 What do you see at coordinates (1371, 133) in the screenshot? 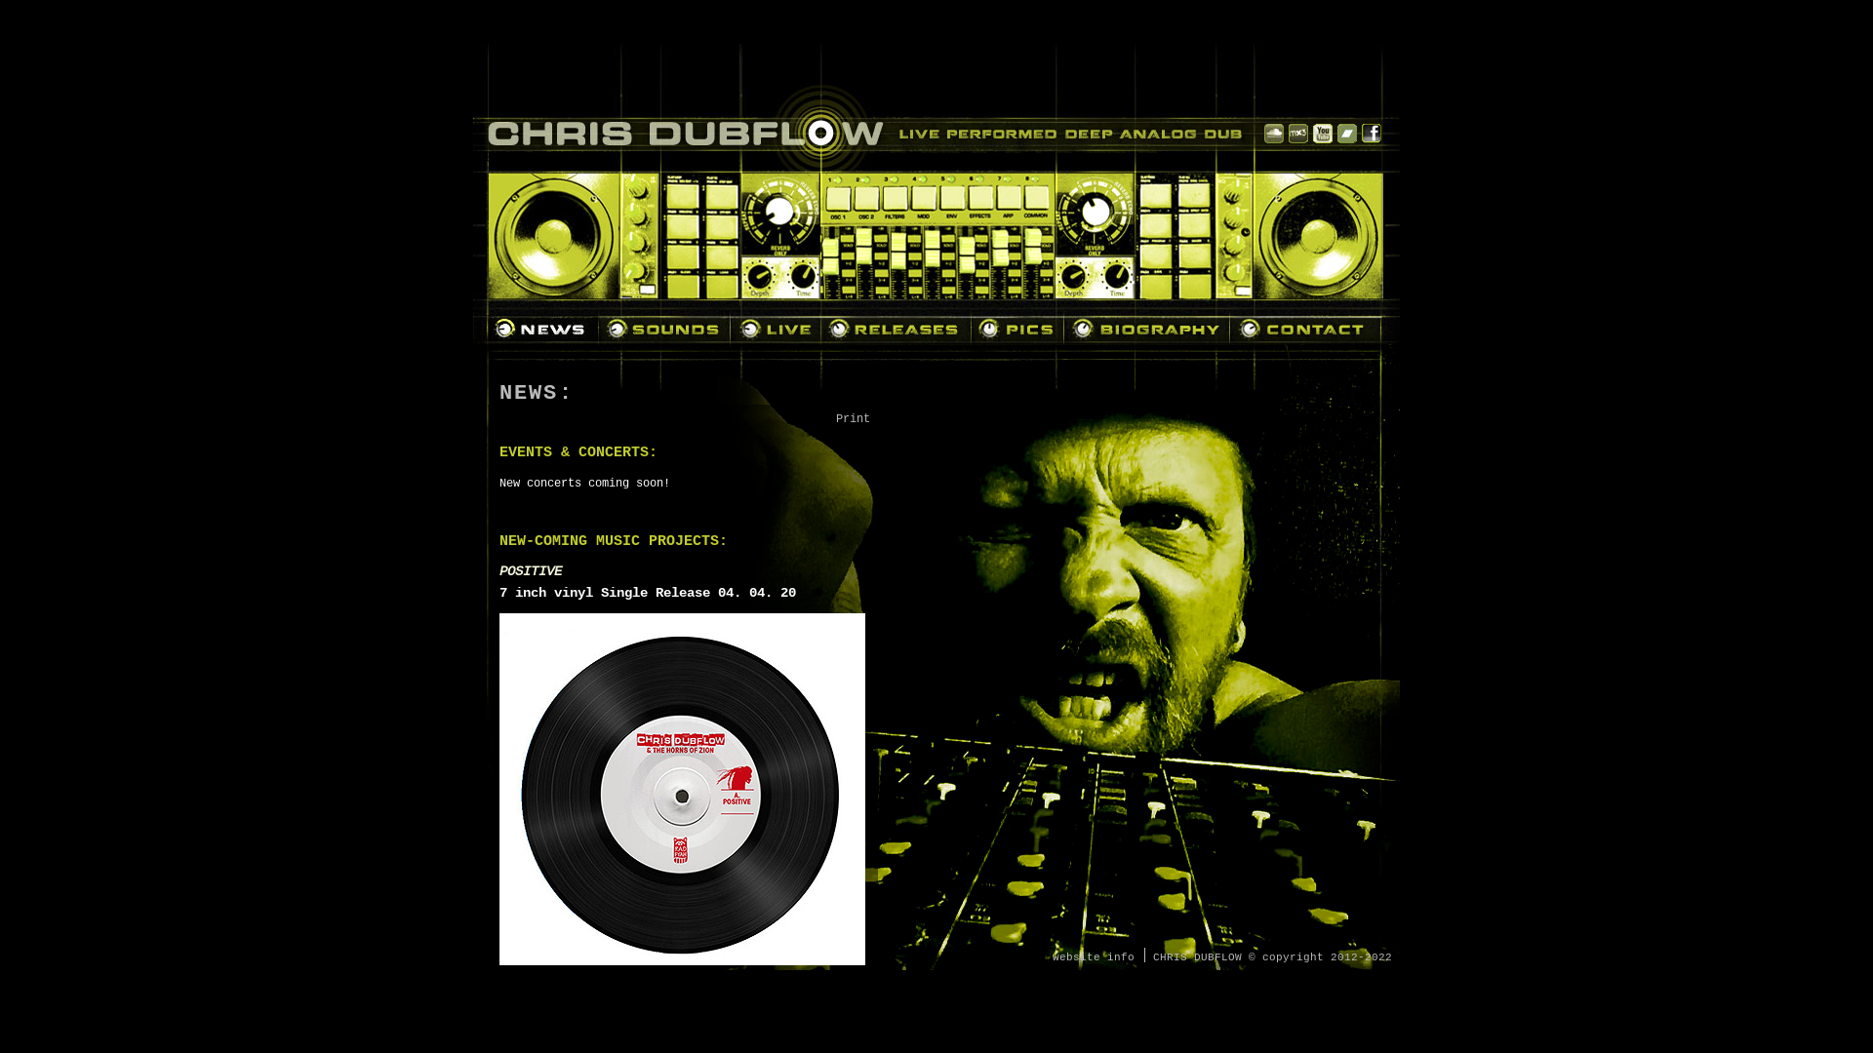
I see `'FACEBOOK'` at bounding box center [1371, 133].